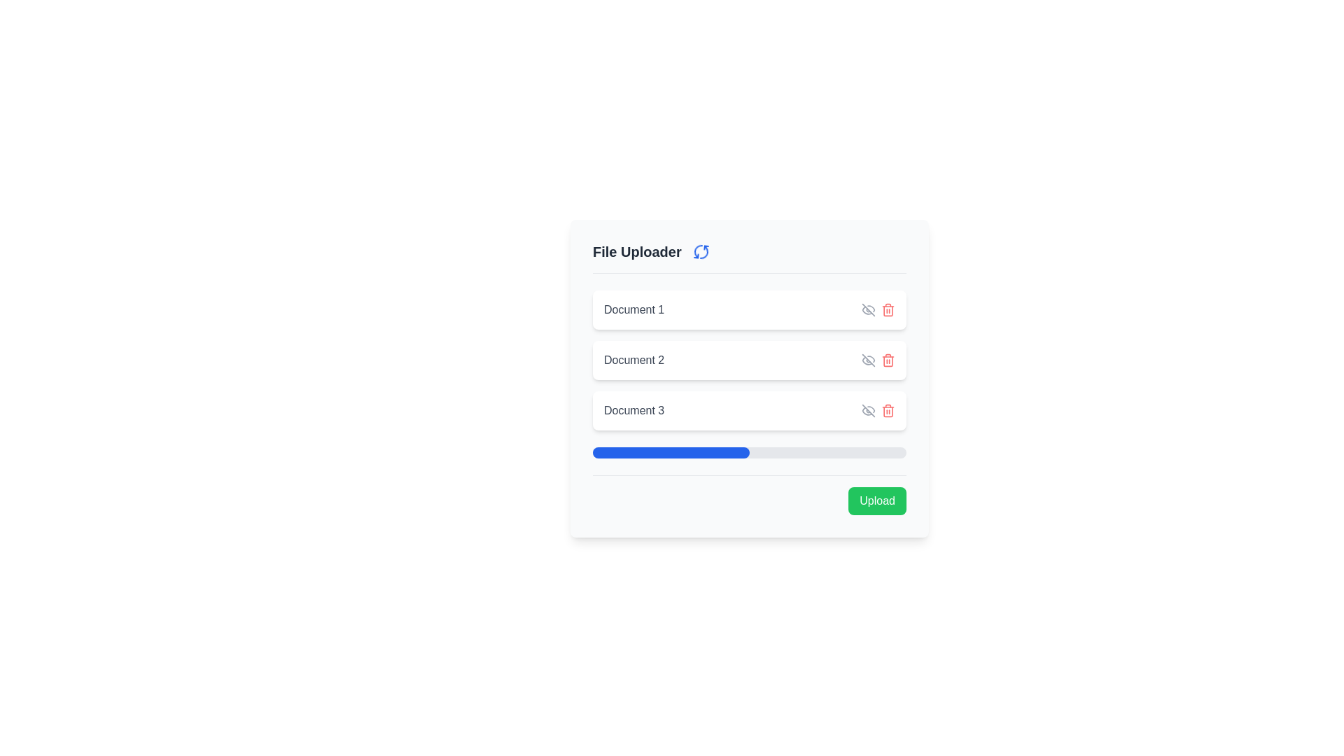  I want to click on the spinning animation on the Header section with an indicator icon, which serves as the title for the file uploading interface, so click(748, 257).